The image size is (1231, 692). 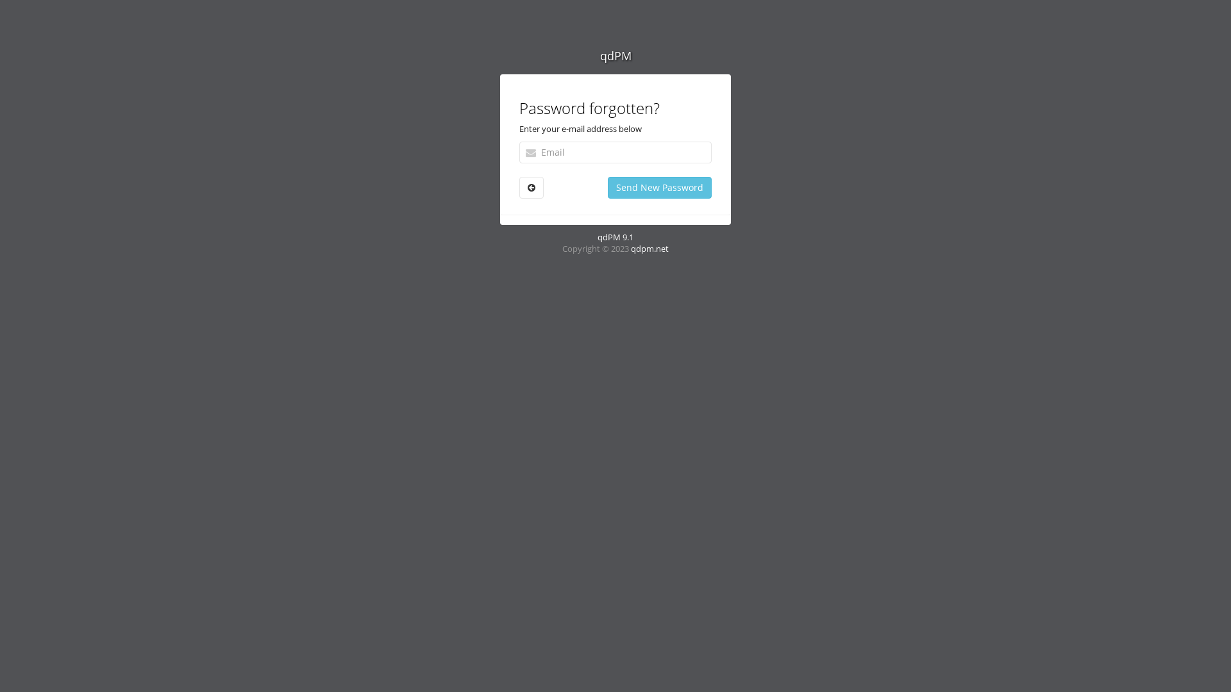 I want to click on 'qdPM 9.1', so click(x=596, y=237).